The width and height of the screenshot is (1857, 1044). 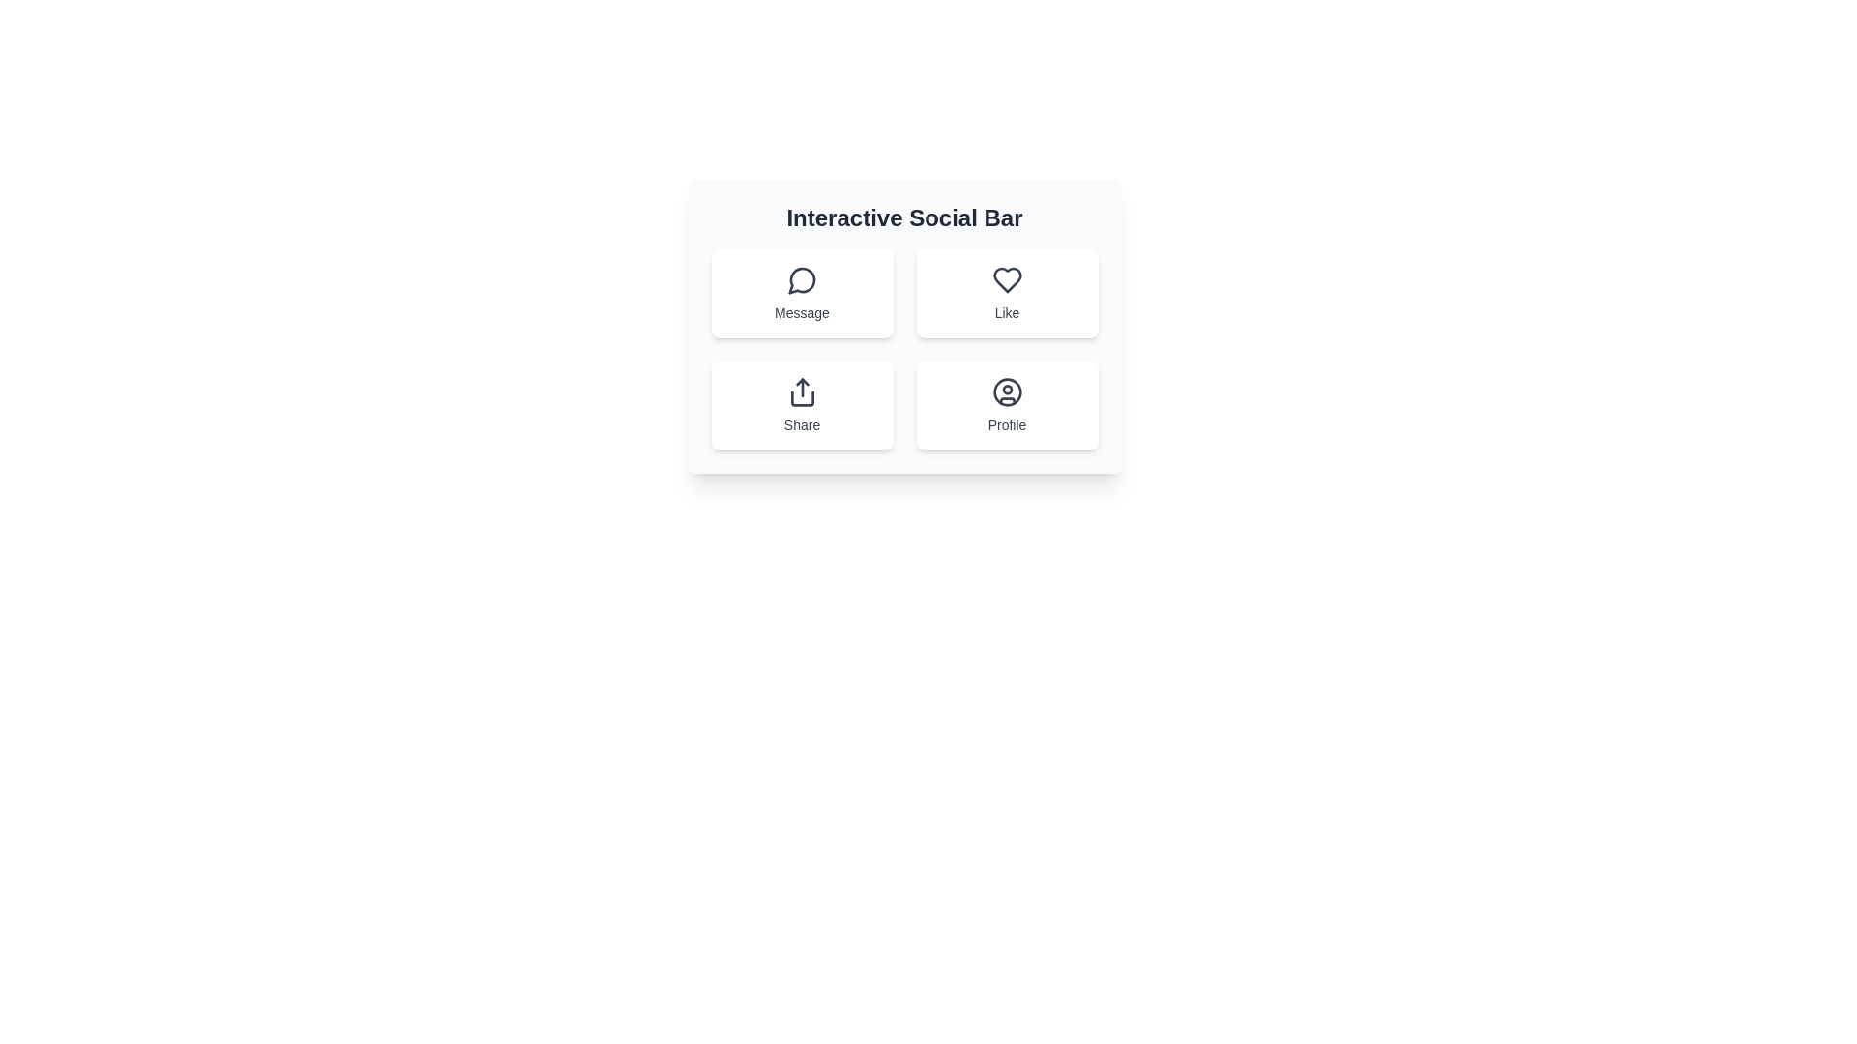 I want to click on the SVG circle element that represents the user's profile icon, located in the bottom-right section of the grid layout under the 'Interactive Social Bar', so click(x=1006, y=391).